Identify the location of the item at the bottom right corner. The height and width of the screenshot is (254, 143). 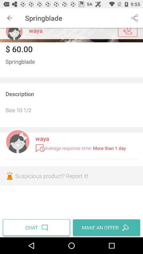
(106, 227).